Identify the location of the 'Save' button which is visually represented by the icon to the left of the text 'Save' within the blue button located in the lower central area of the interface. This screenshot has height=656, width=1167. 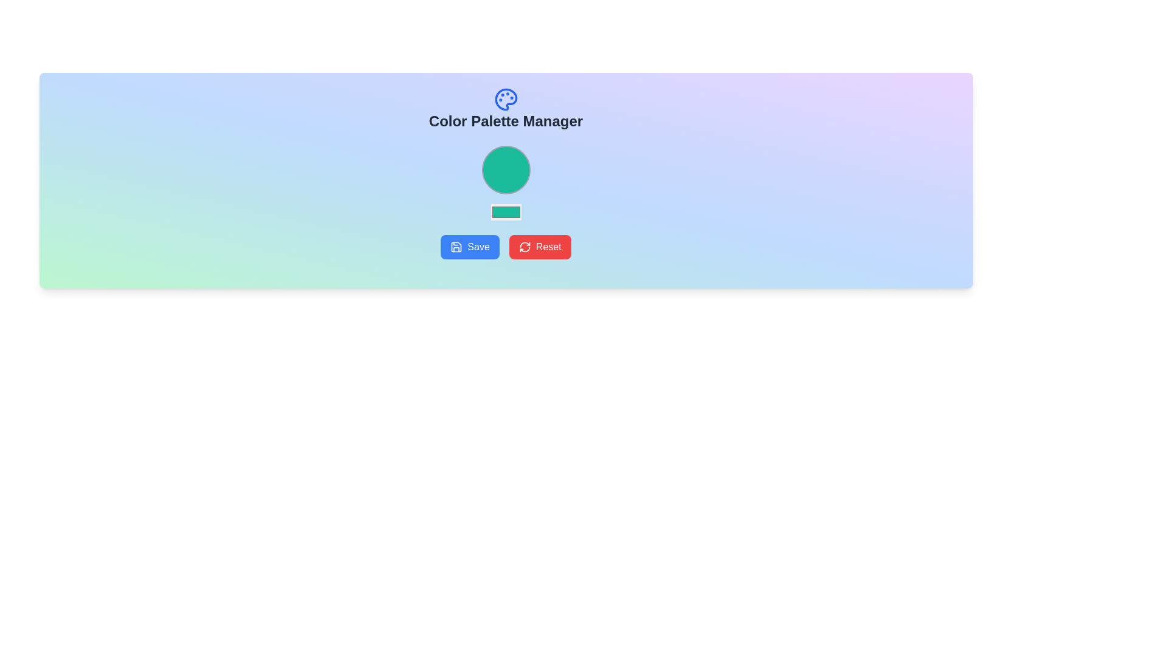
(456, 247).